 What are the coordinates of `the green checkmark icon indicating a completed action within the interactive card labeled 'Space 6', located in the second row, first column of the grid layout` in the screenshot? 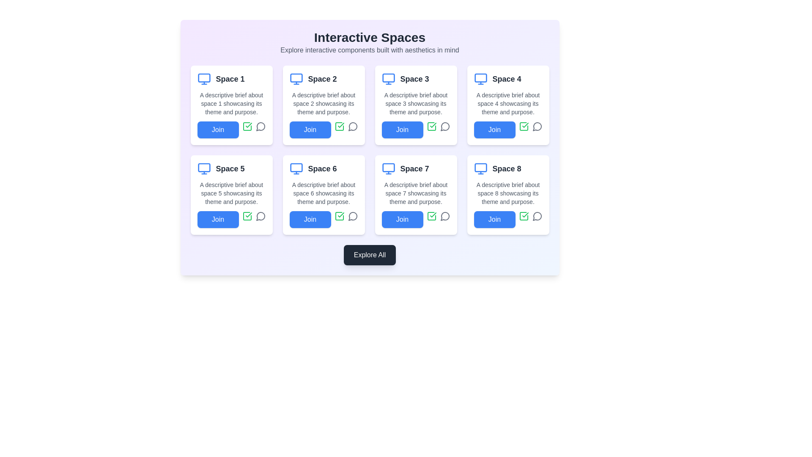 It's located at (248, 215).